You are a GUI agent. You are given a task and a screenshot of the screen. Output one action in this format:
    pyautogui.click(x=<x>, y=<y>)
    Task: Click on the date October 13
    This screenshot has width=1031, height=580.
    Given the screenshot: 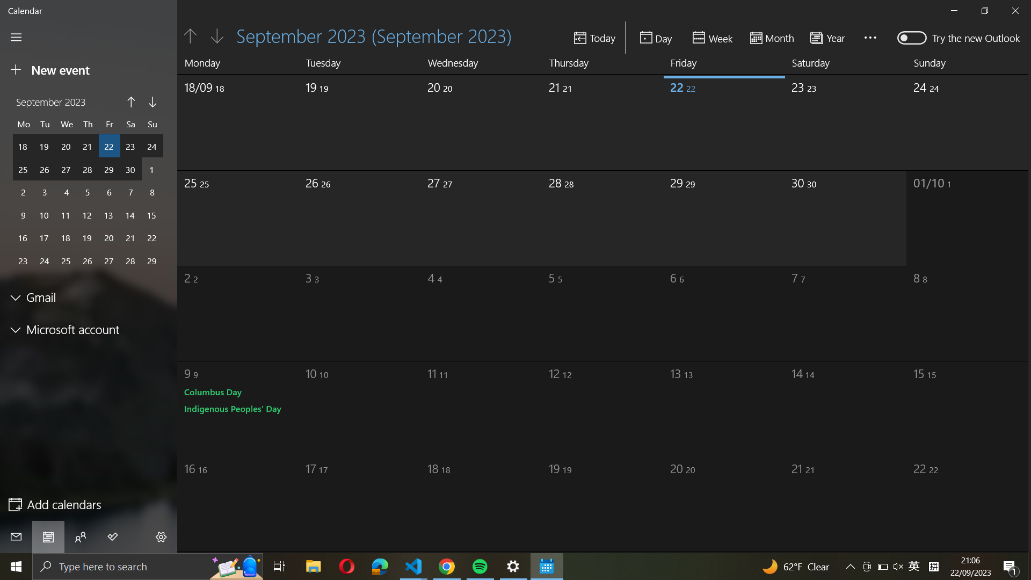 What is the action you would take?
    pyautogui.click(x=709, y=404)
    